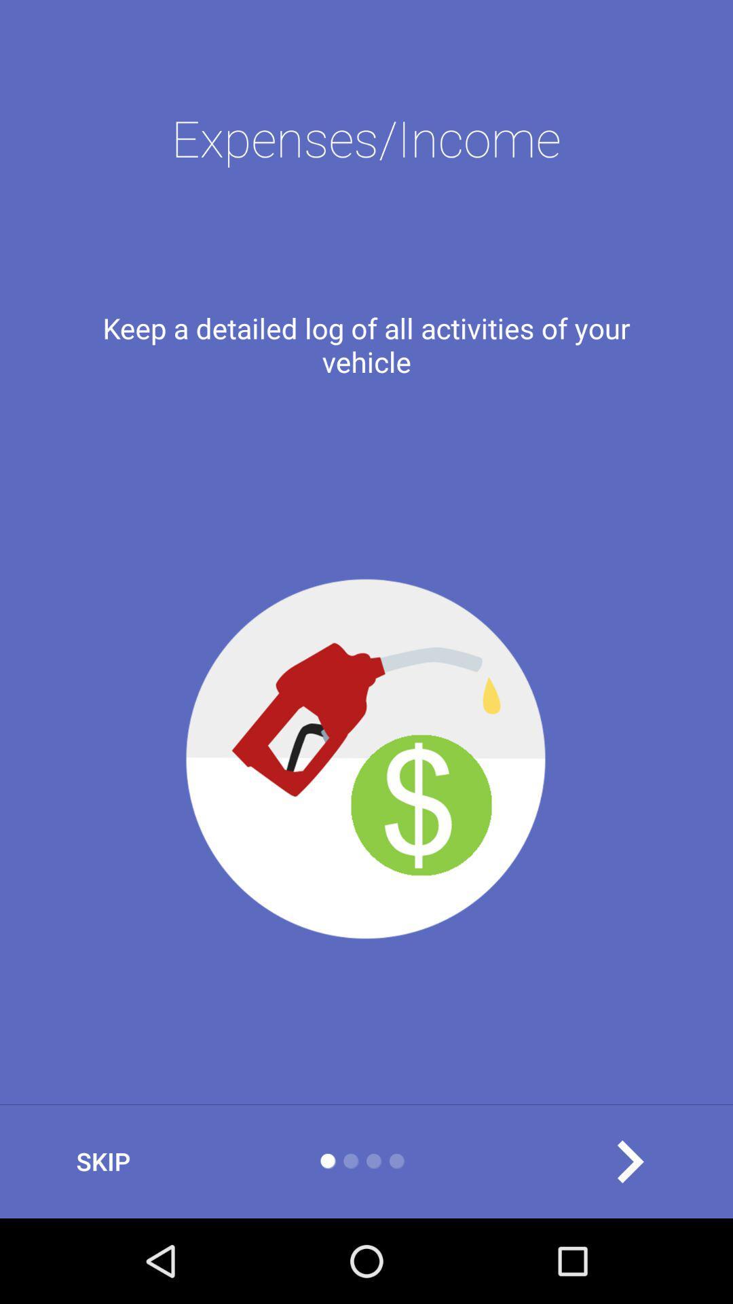 This screenshot has height=1304, width=733. Describe the element at coordinates (102, 1161) in the screenshot. I see `the skip` at that location.